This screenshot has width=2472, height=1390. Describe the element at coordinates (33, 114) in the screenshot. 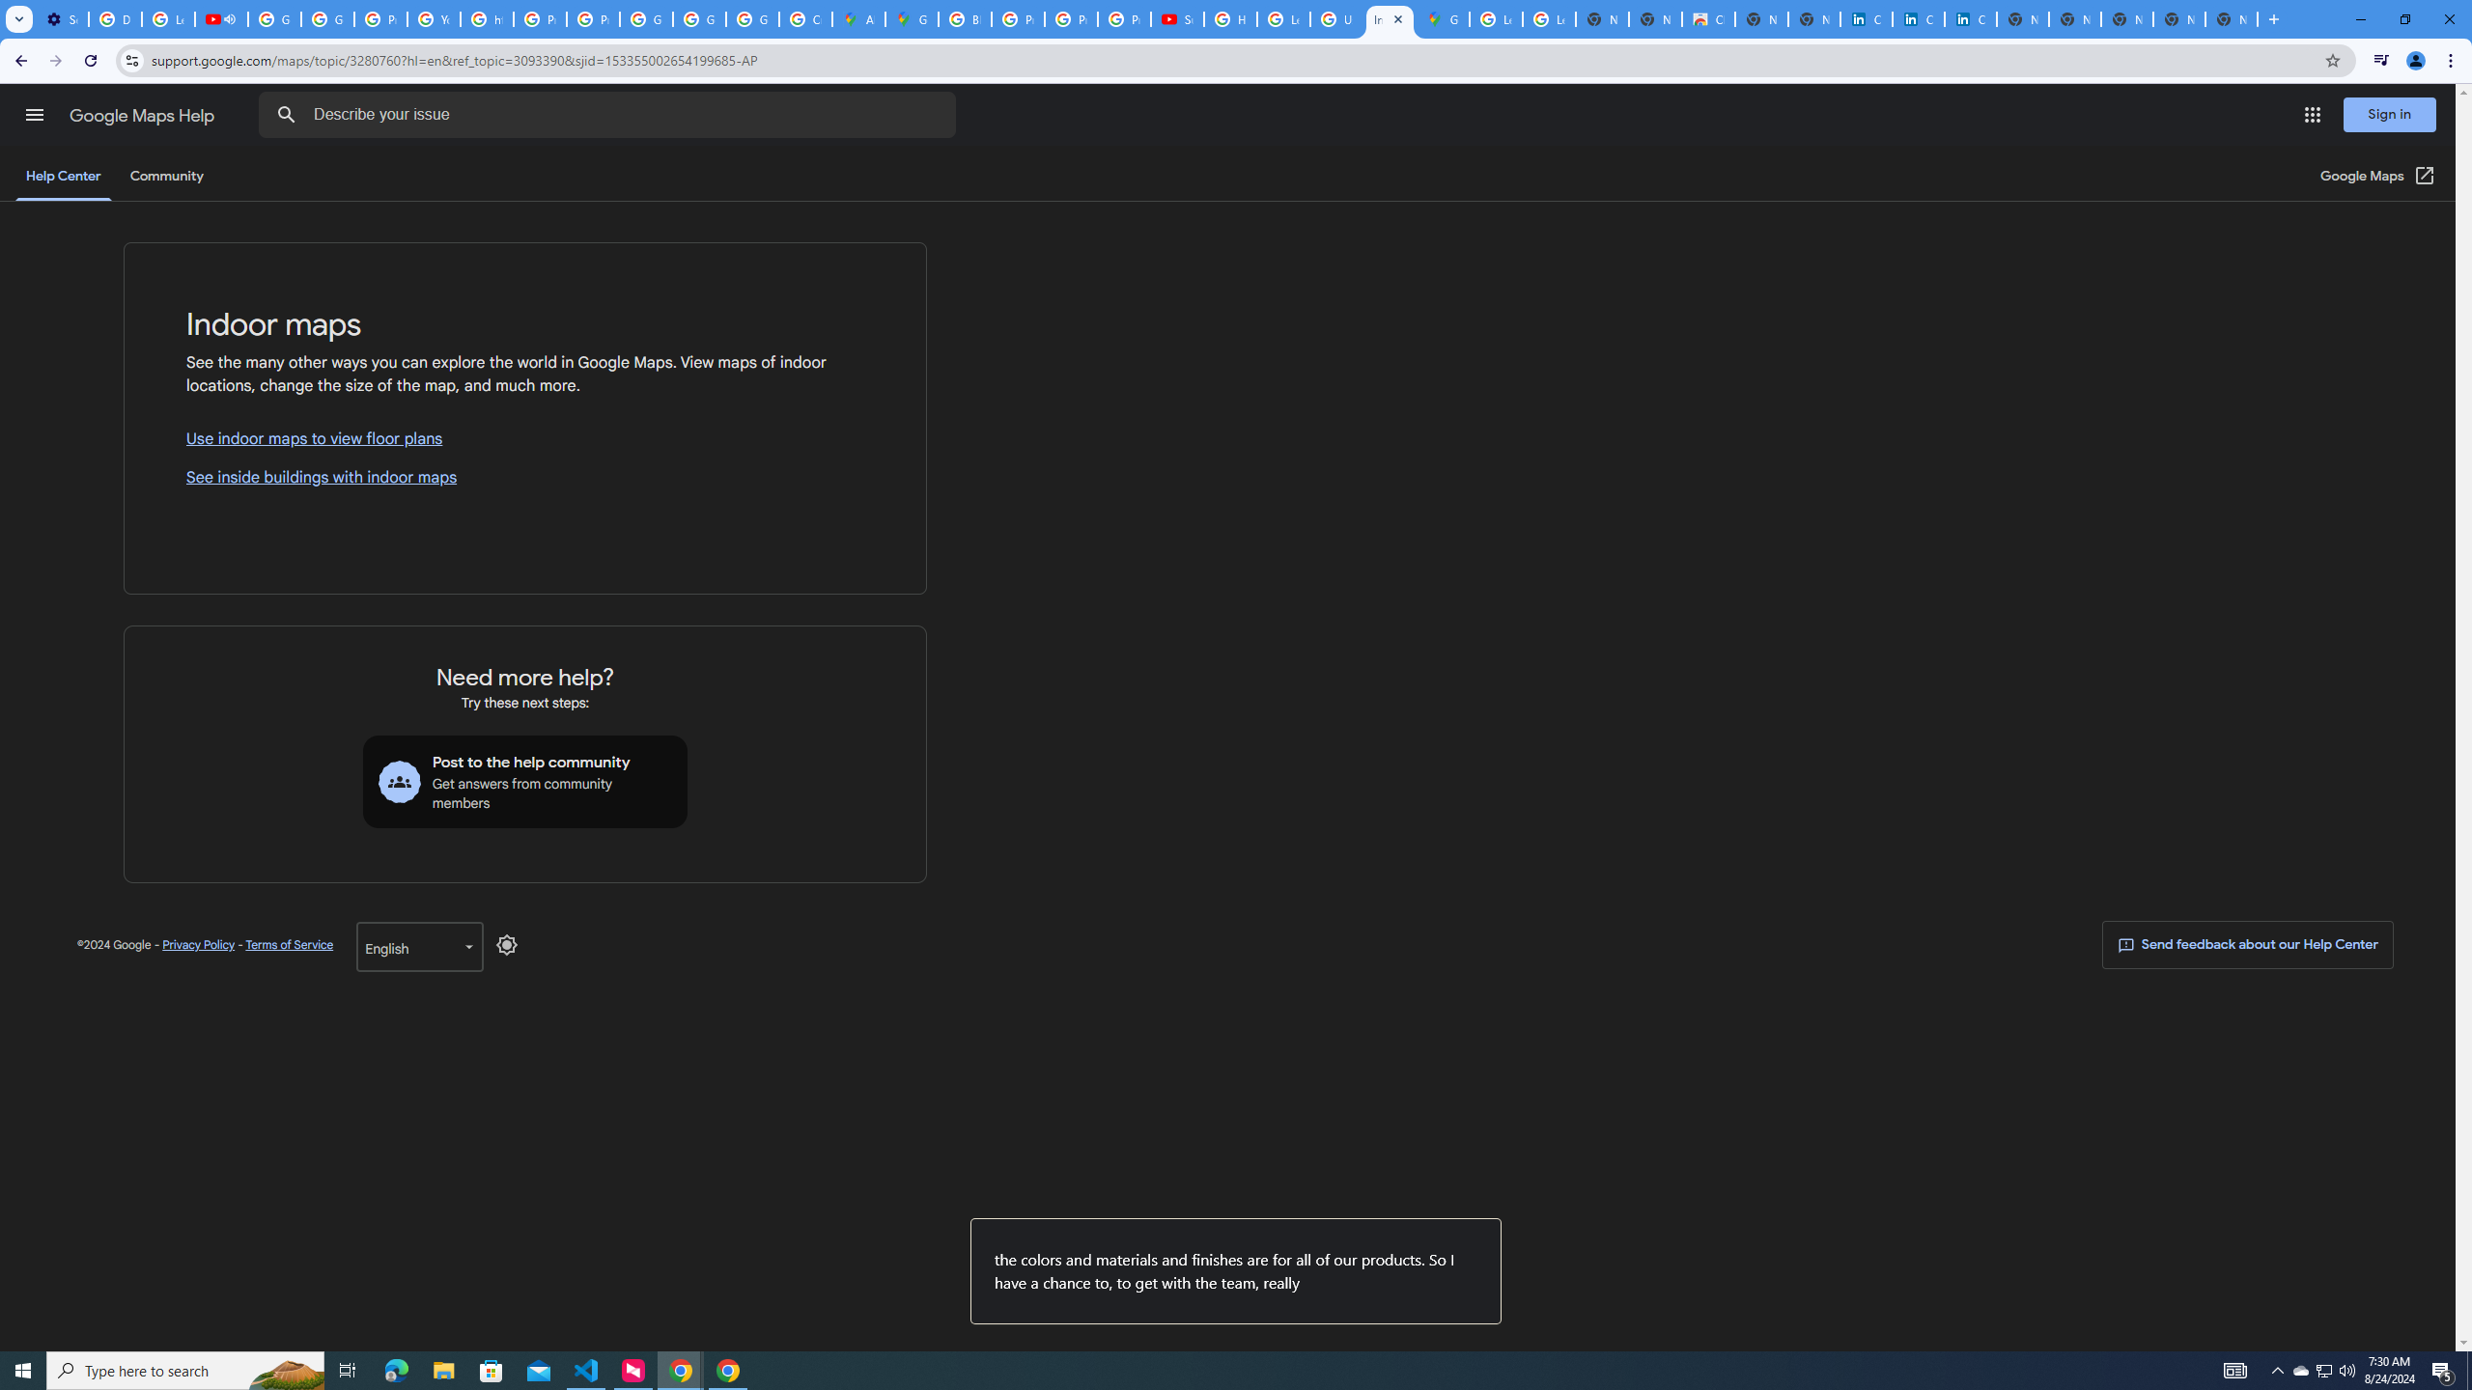

I see `'Main menu'` at that location.